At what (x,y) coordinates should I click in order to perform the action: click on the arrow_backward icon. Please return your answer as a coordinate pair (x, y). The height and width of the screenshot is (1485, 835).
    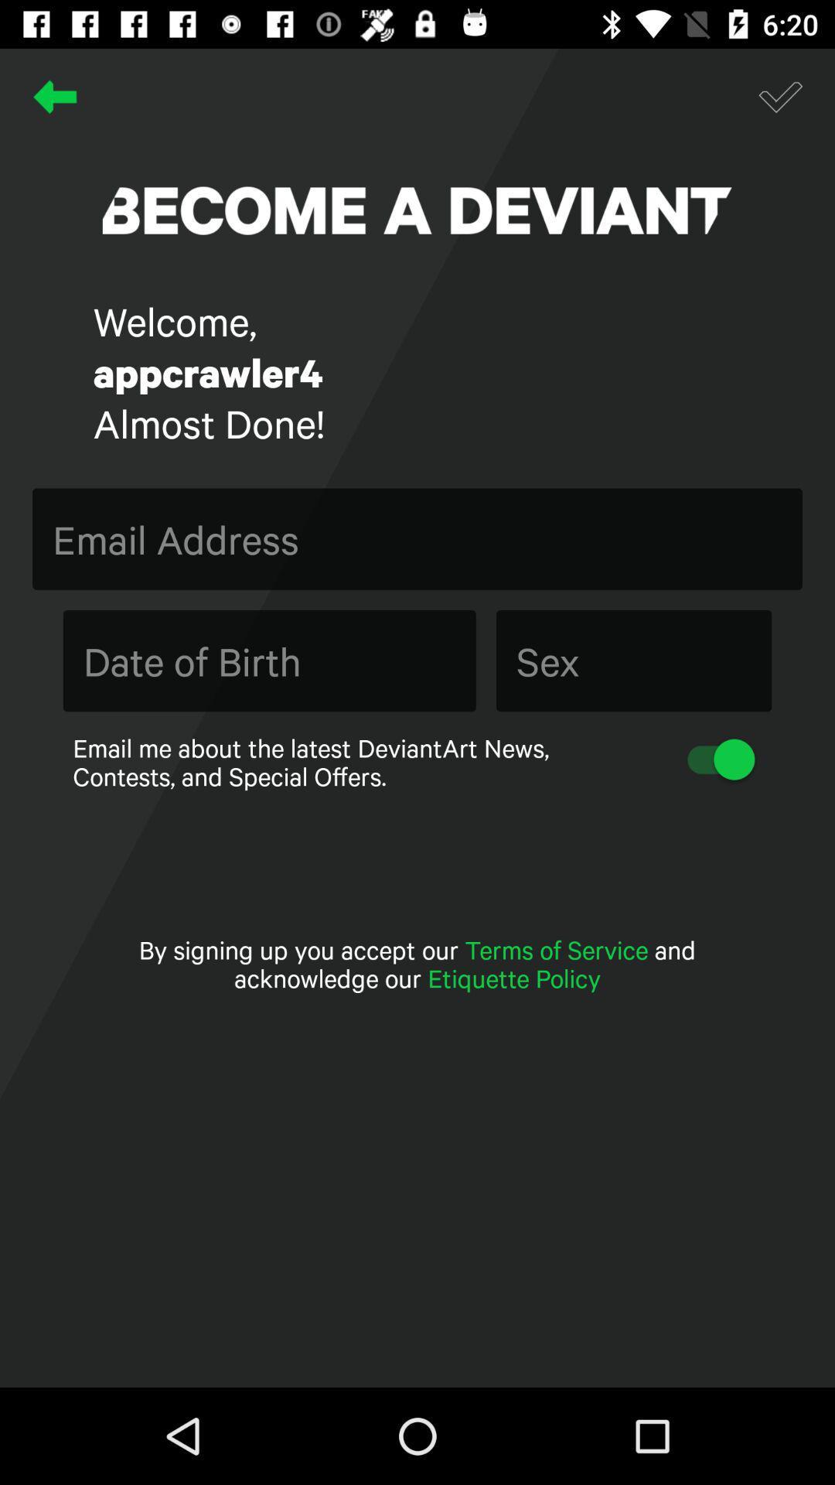
    Looking at the image, I should click on (54, 96).